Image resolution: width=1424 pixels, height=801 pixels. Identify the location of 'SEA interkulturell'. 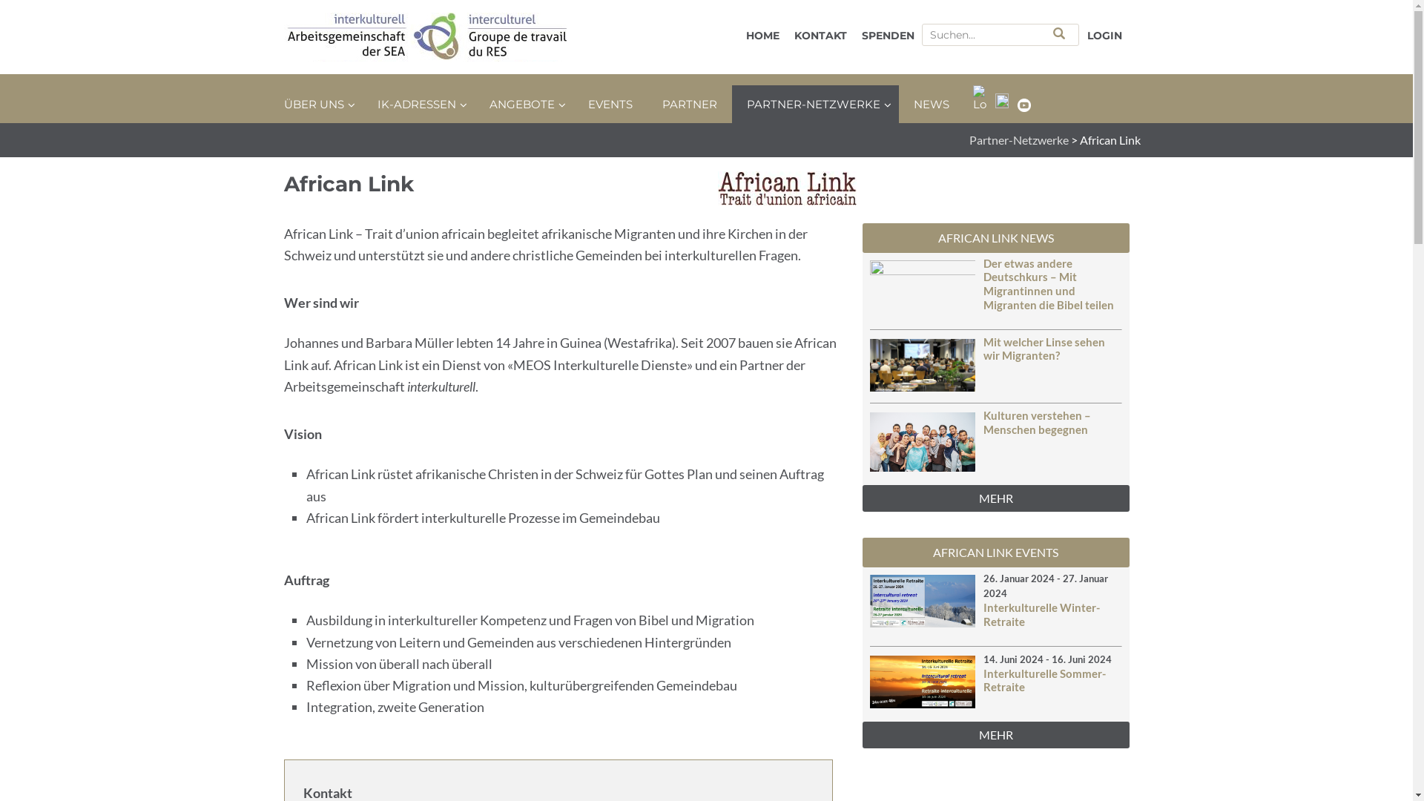
(430, 36).